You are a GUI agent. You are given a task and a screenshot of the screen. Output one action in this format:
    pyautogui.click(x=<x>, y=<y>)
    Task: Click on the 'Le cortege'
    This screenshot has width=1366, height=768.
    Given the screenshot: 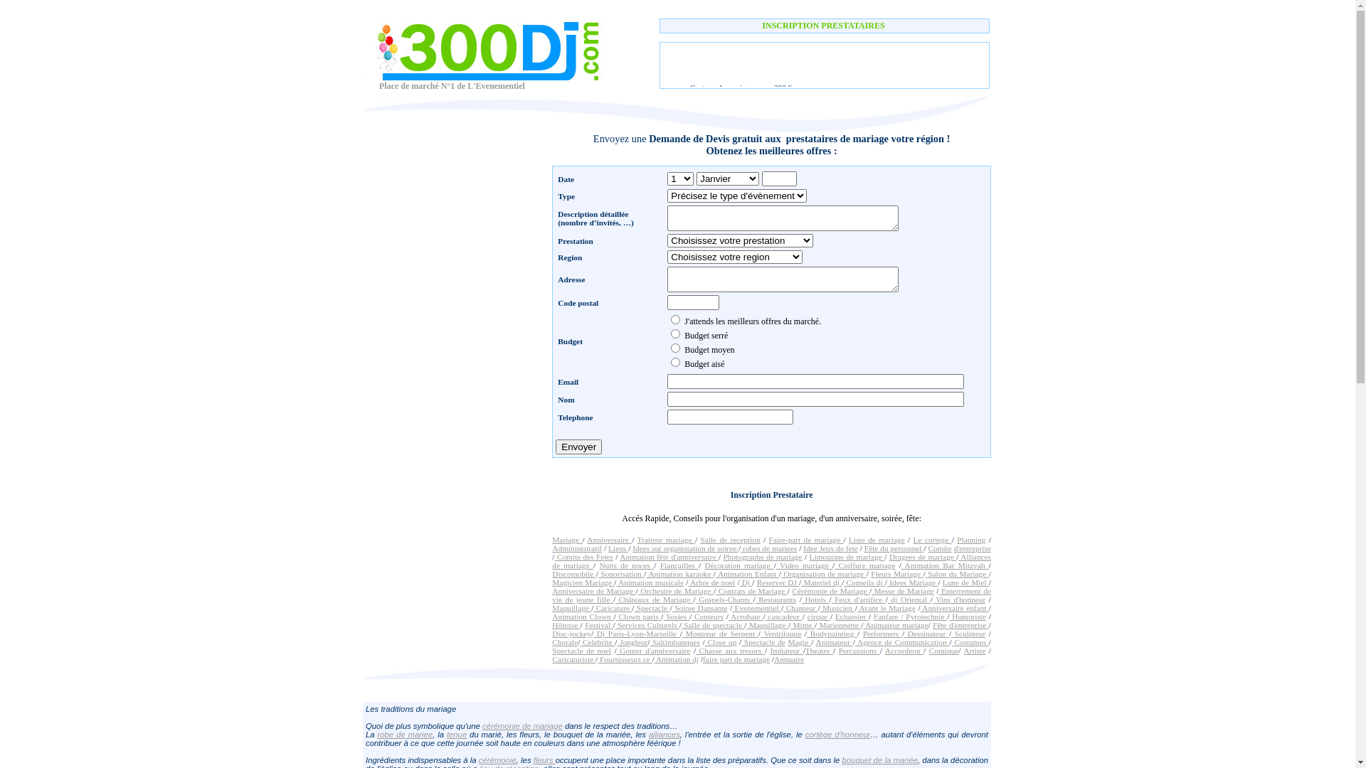 What is the action you would take?
    pyautogui.click(x=932, y=540)
    